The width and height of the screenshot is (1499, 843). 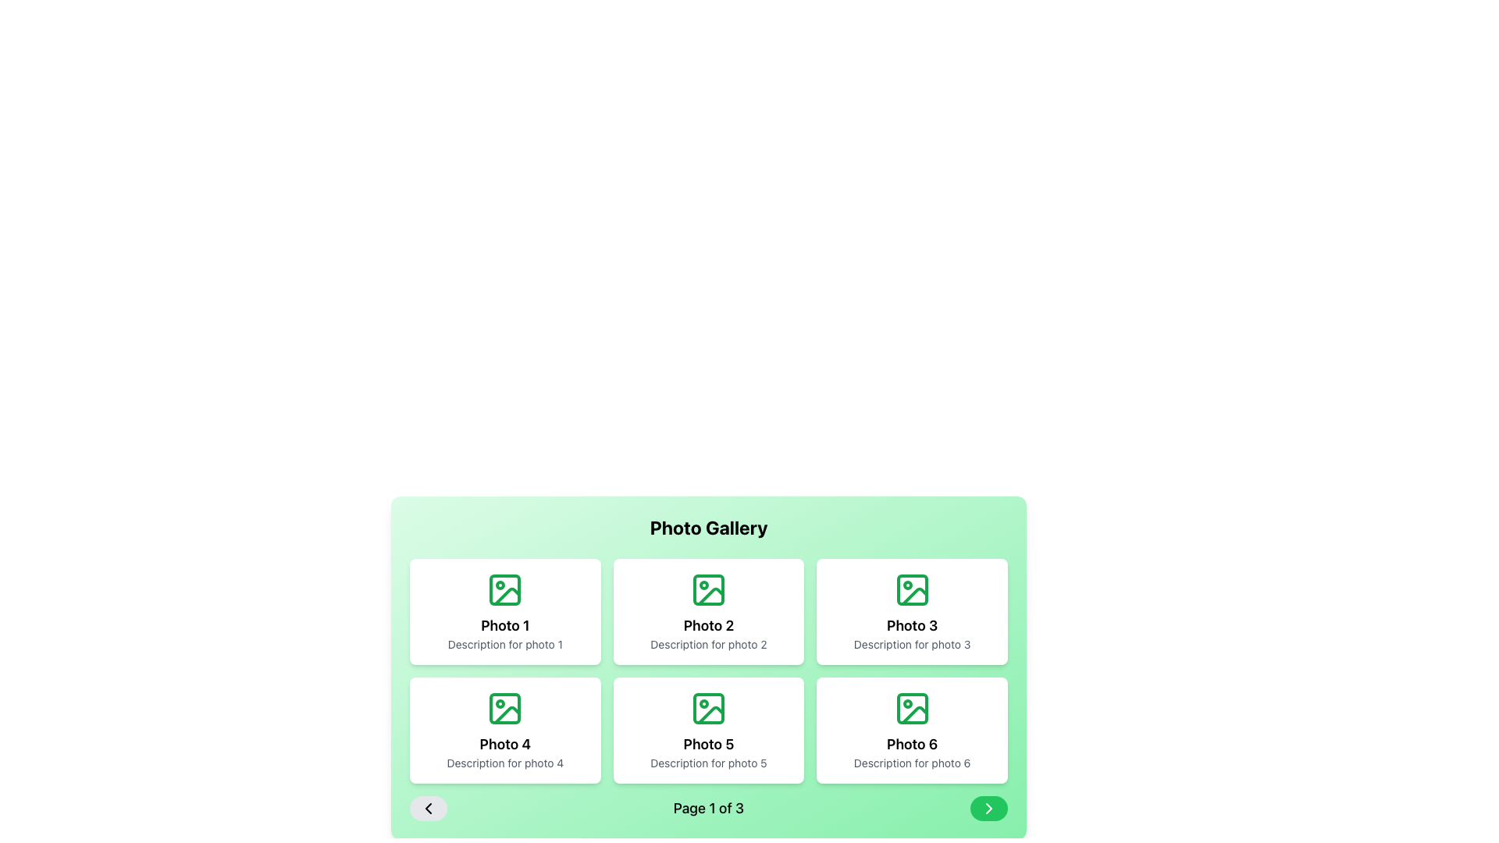 I want to click on text element that provides a descriptive caption for the associated image under the title 'Photo 2' in the 'Photo Gallery' section, so click(x=707, y=644).